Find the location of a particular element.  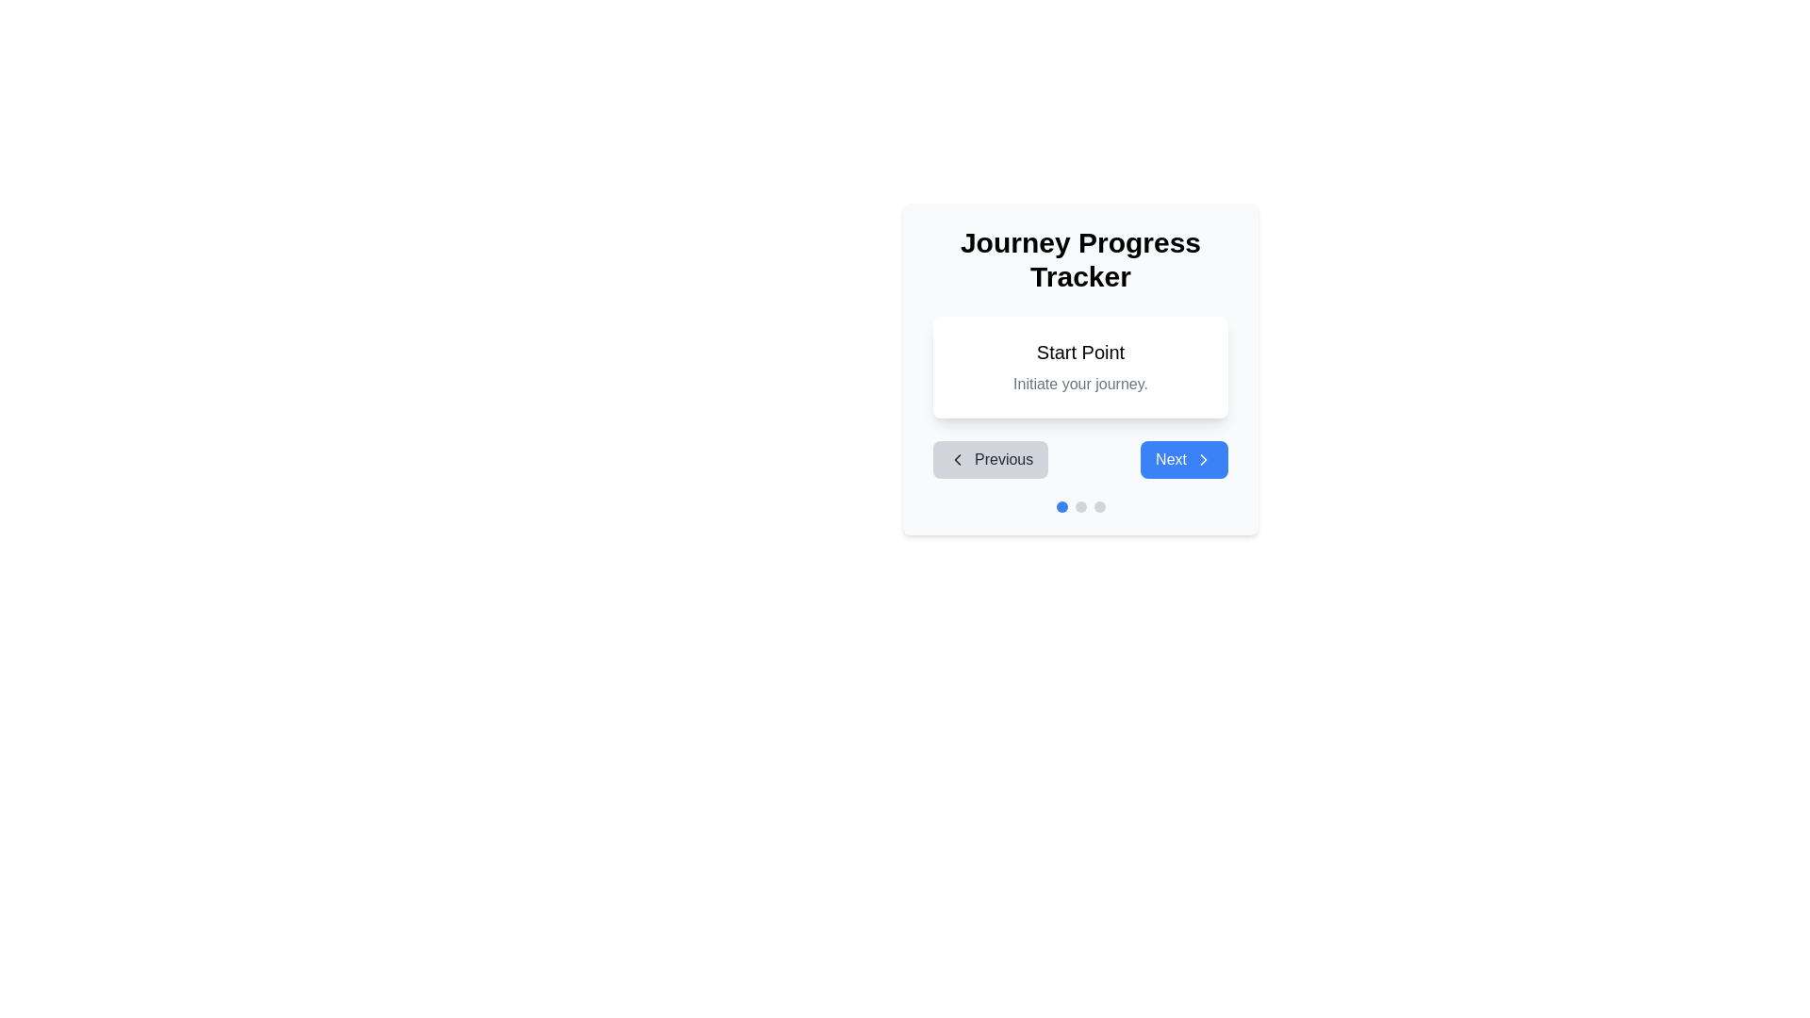

static text element displaying 'Start Point' in bold at the top-center of the white rectangular card is located at coordinates (1080, 353).